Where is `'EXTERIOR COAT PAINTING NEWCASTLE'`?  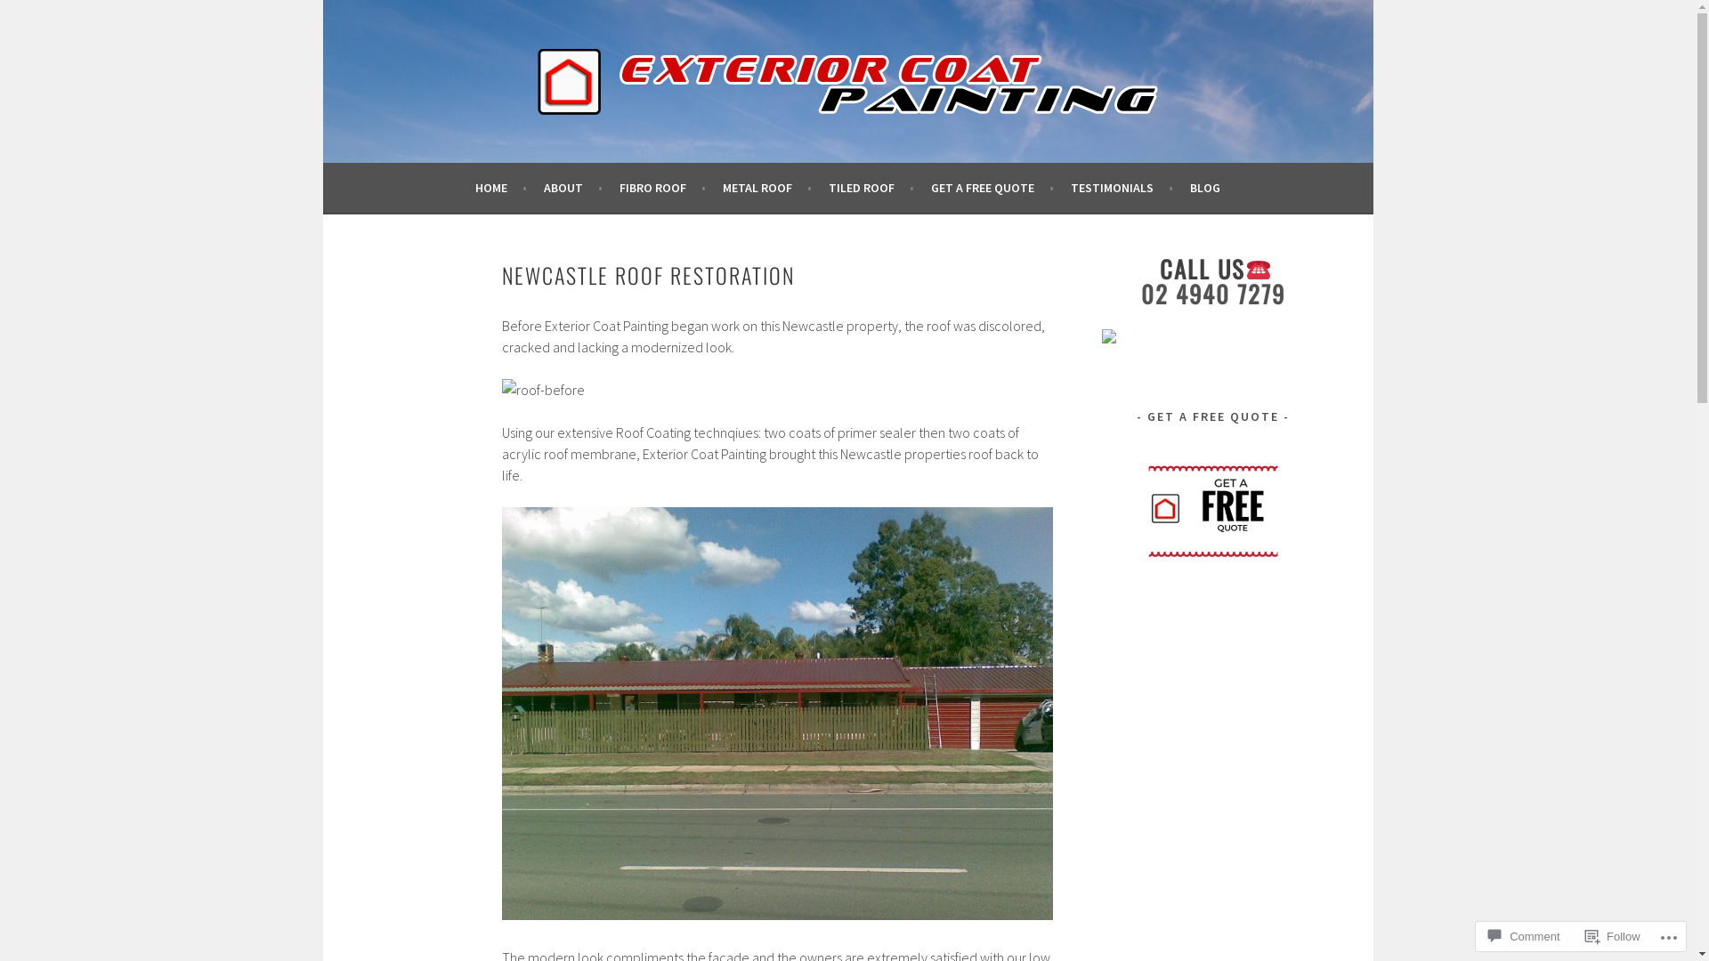 'EXTERIOR COAT PAINTING NEWCASTLE' is located at coordinates (615, 173).